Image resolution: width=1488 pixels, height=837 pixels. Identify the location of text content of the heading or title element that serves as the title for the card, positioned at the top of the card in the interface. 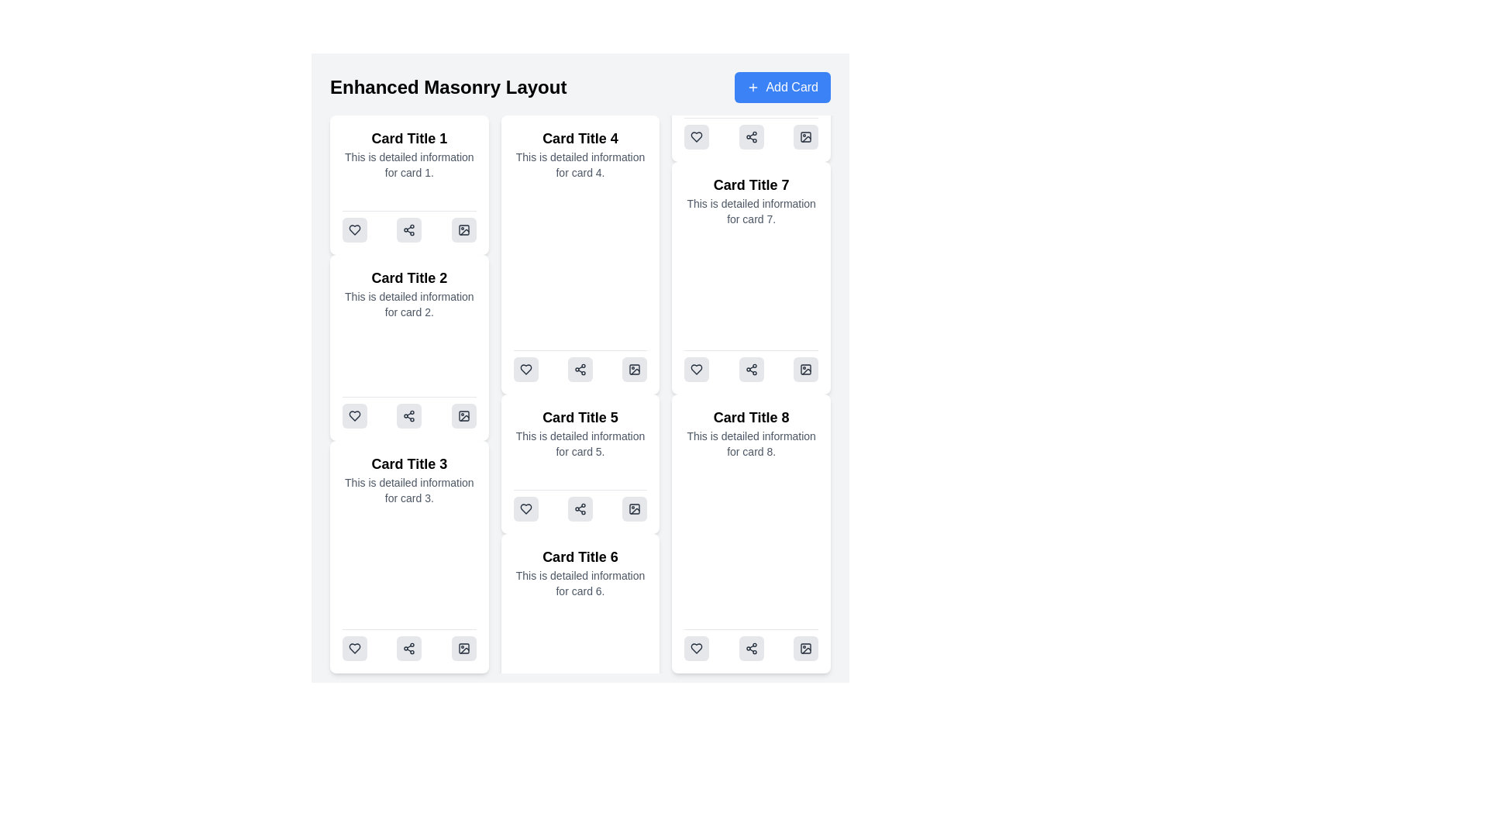
(579, 137).